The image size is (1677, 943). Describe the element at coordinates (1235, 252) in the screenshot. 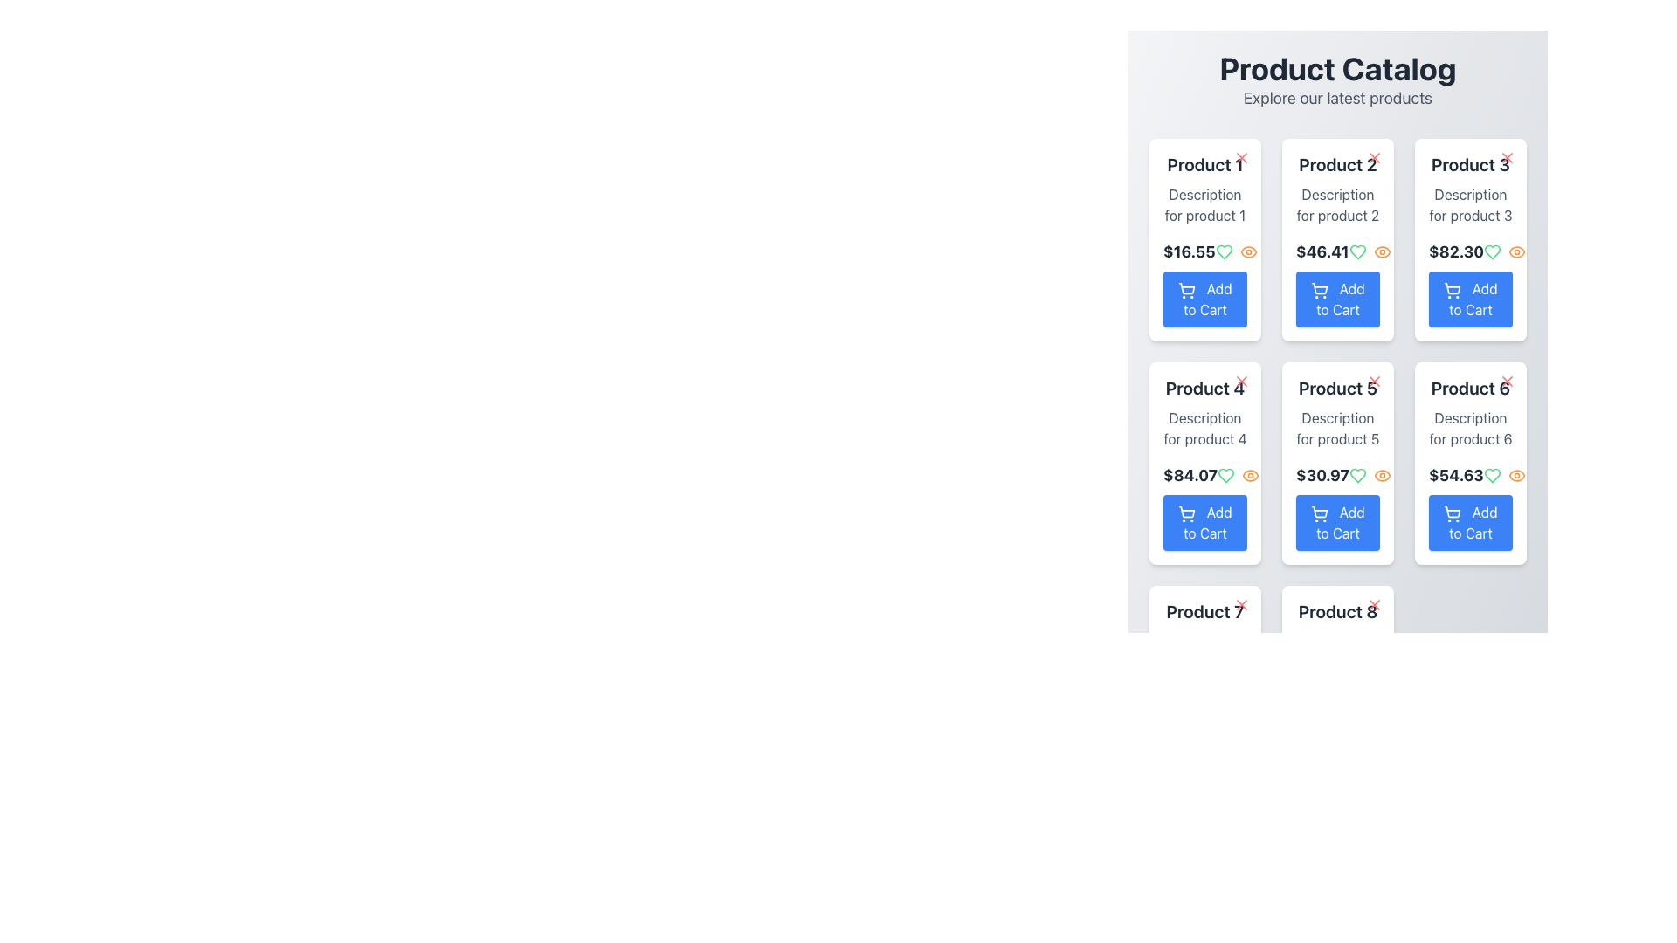

I see `the orange eye icon in the Interactive Icon Group located beneath the product price for 'Product 1'` at that location.